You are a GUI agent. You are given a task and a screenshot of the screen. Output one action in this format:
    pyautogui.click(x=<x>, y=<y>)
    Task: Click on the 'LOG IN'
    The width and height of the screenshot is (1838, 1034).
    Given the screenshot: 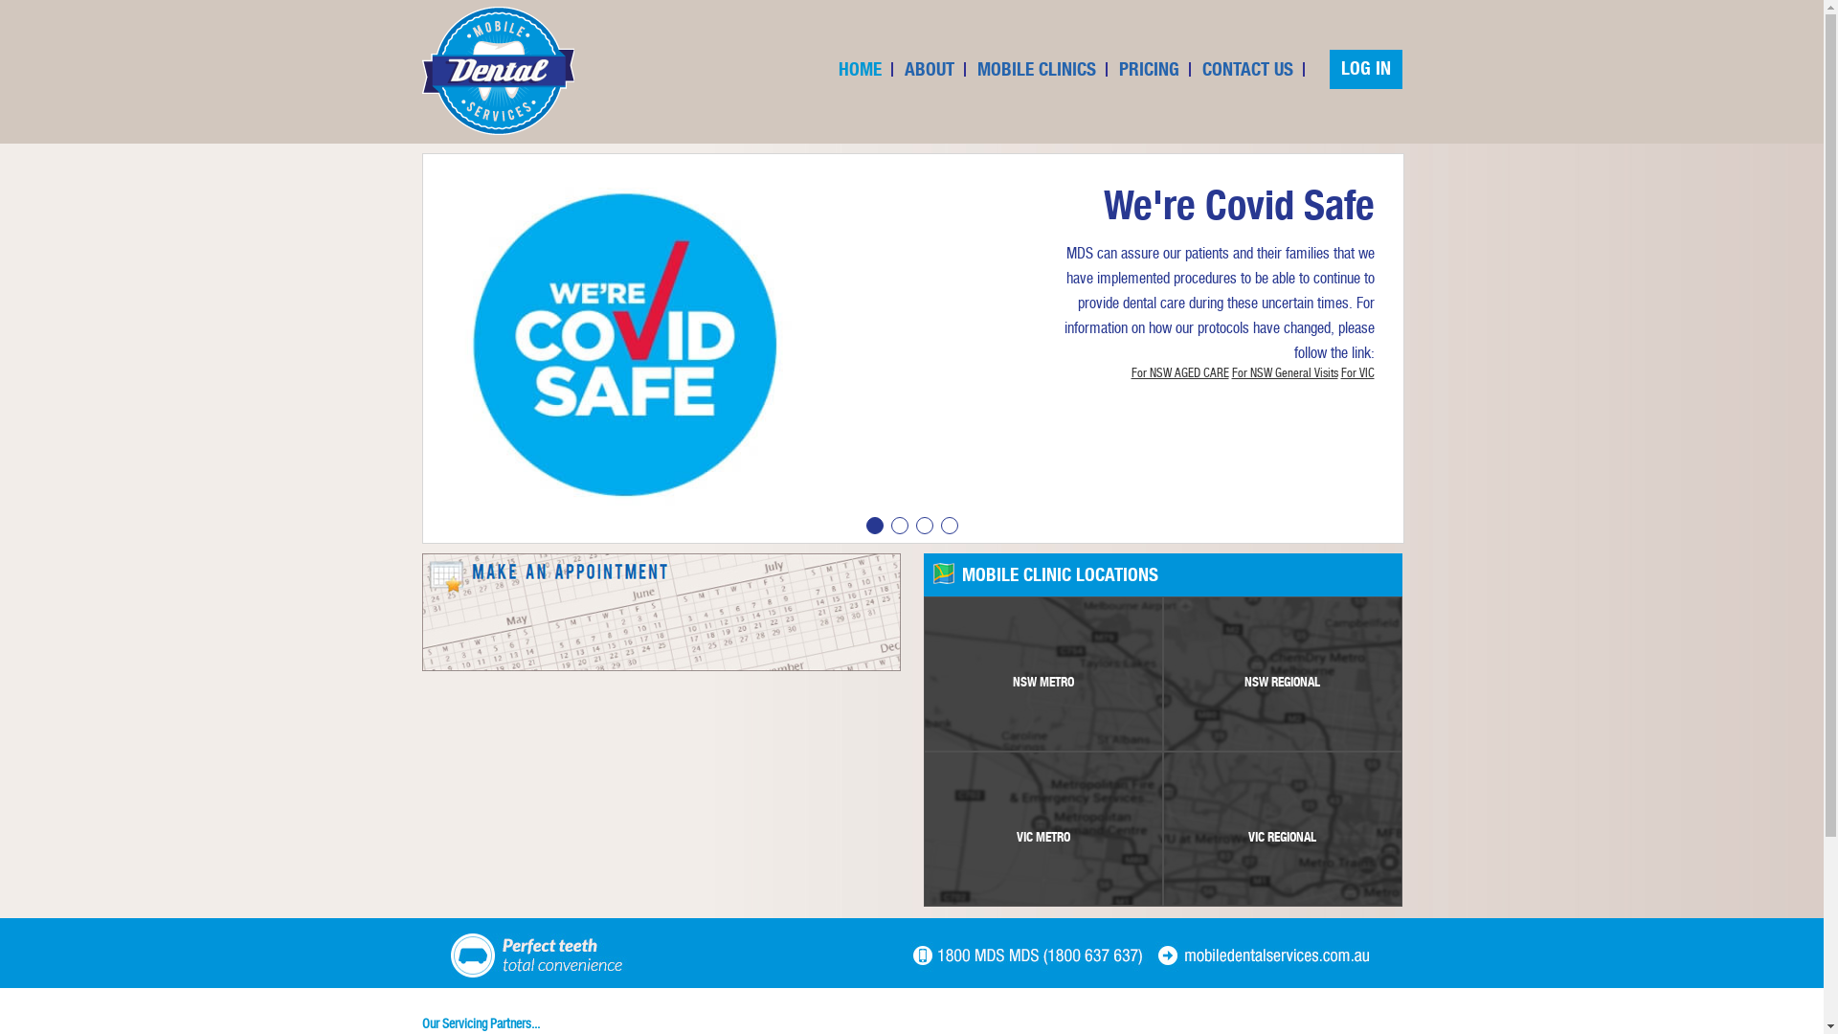 What is the action you would take?
    pyautogui.click(x=1363, y=68)
    